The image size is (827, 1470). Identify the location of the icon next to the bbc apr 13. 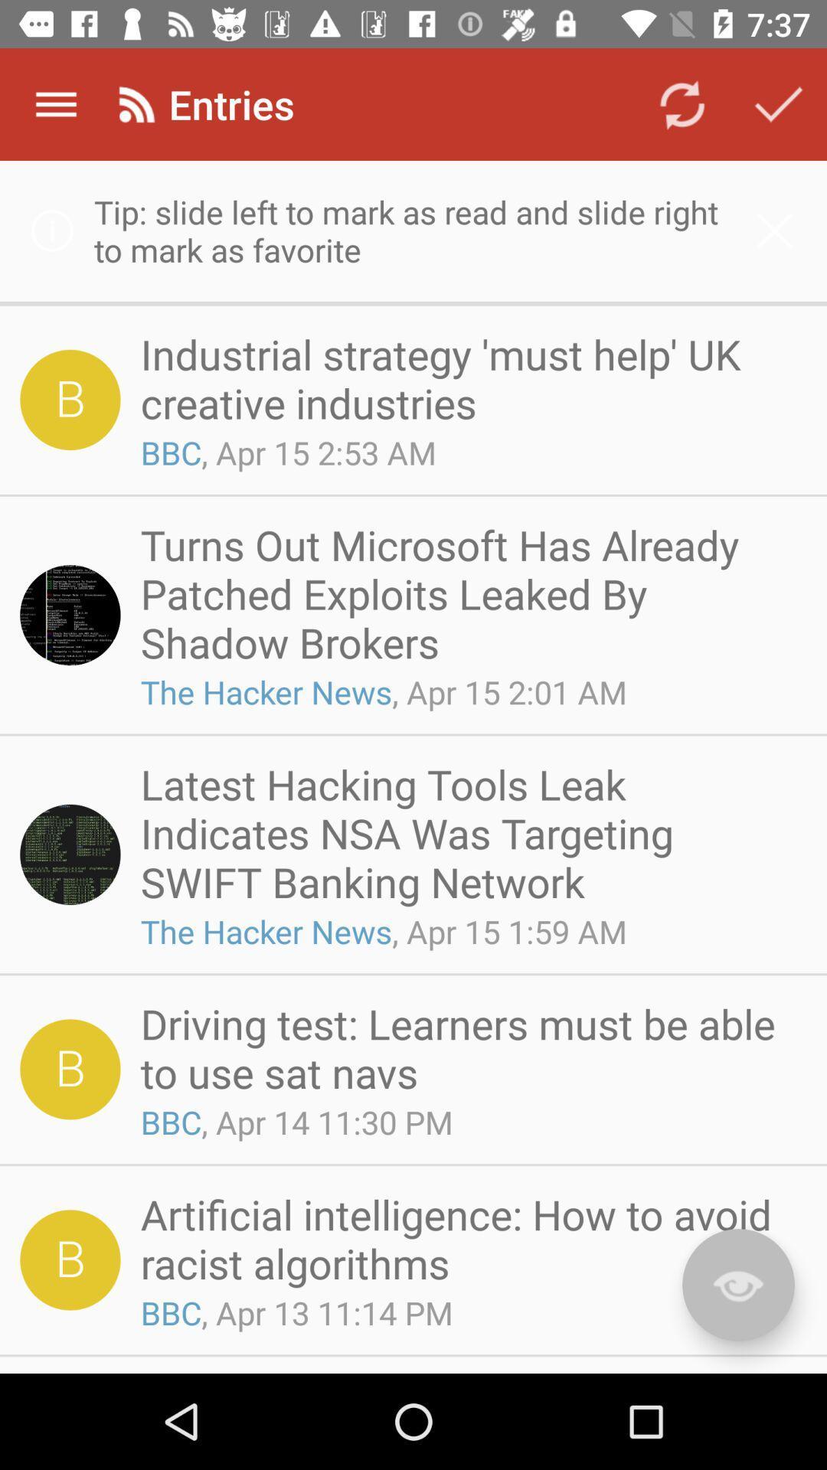
(737, 1285).